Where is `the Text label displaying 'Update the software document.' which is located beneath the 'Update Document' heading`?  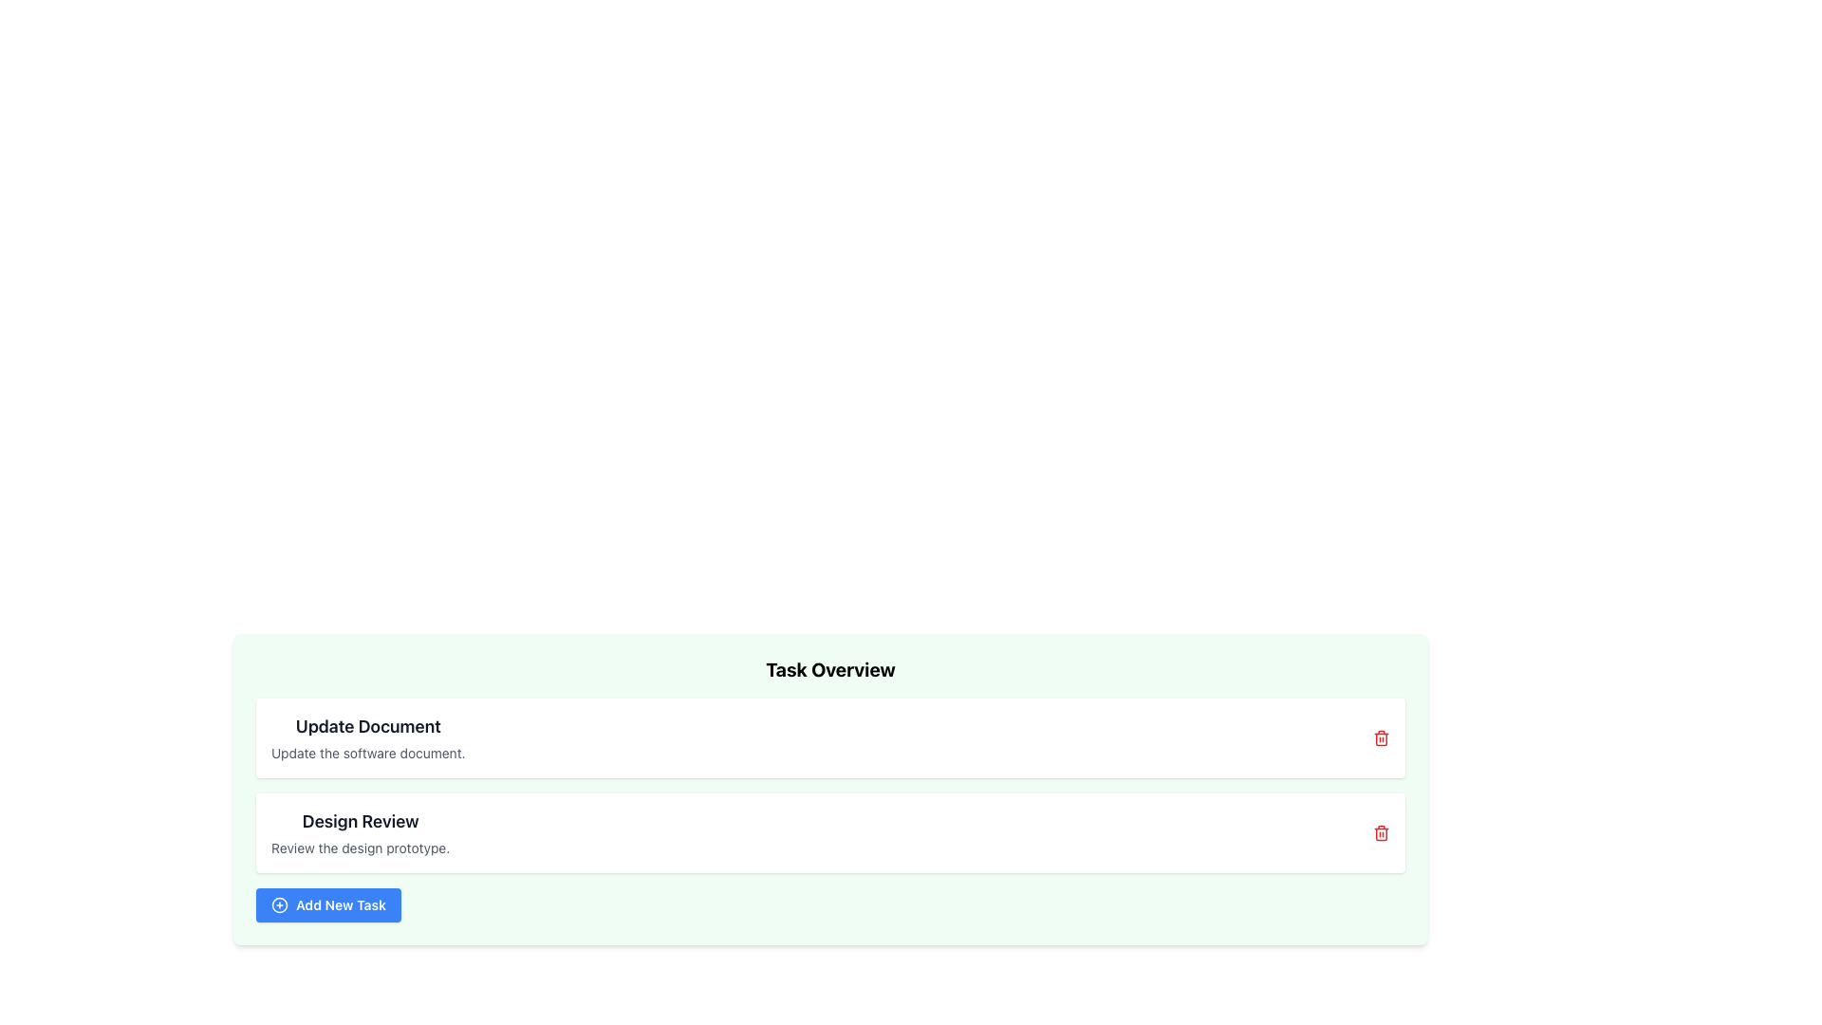 the Text label displaying 'Update the software document.' which is located beneath the 'Update Document' heading is located at coordinates (368, 753).